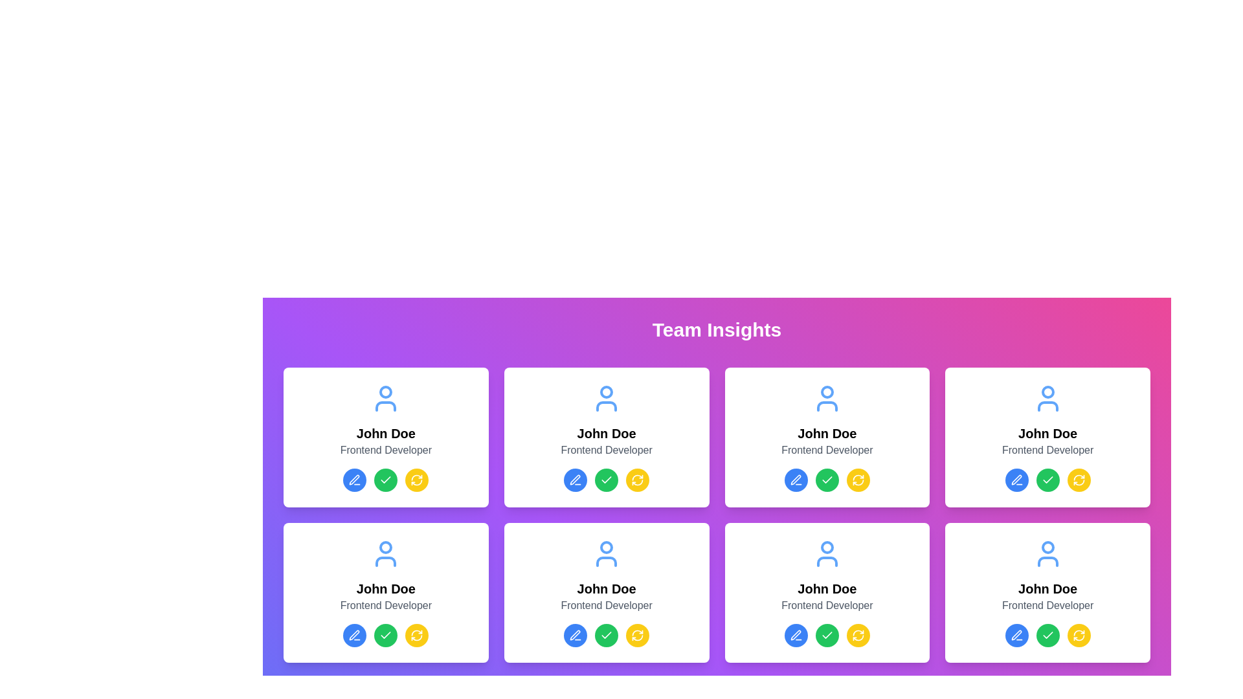  What do you see at coordinates (575, 480) in the screenshot?
I see `the circular blue button with a white pen icon located in the first card of the second row of the grid layout` at bounding box center [575, 480].